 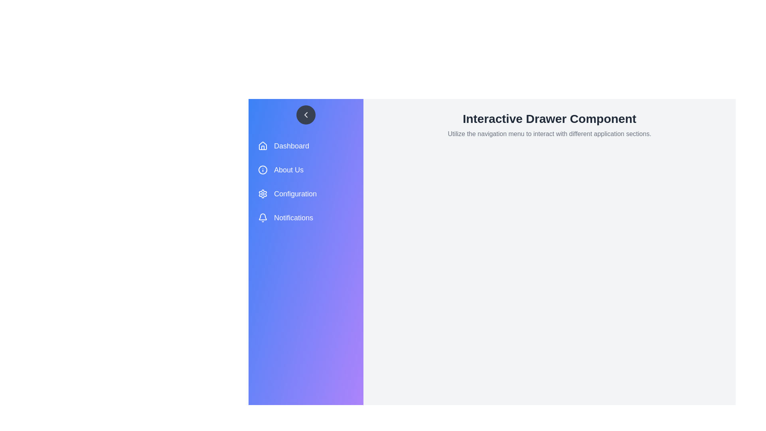 I want to click on the gear icon in the left navigation panel, which represents settings and is located next to the 'Configuration' text, so click(x=263, y=194).